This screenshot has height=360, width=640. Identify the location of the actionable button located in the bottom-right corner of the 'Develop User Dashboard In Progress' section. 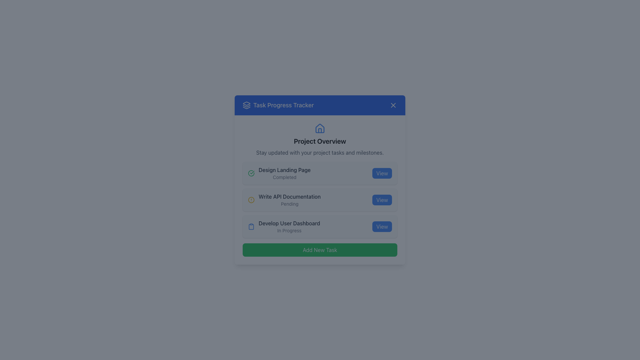
(382, 226).